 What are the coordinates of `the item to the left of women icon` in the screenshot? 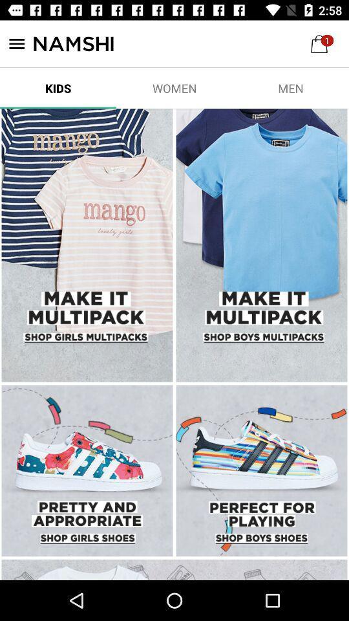 It's located at (58, 87).